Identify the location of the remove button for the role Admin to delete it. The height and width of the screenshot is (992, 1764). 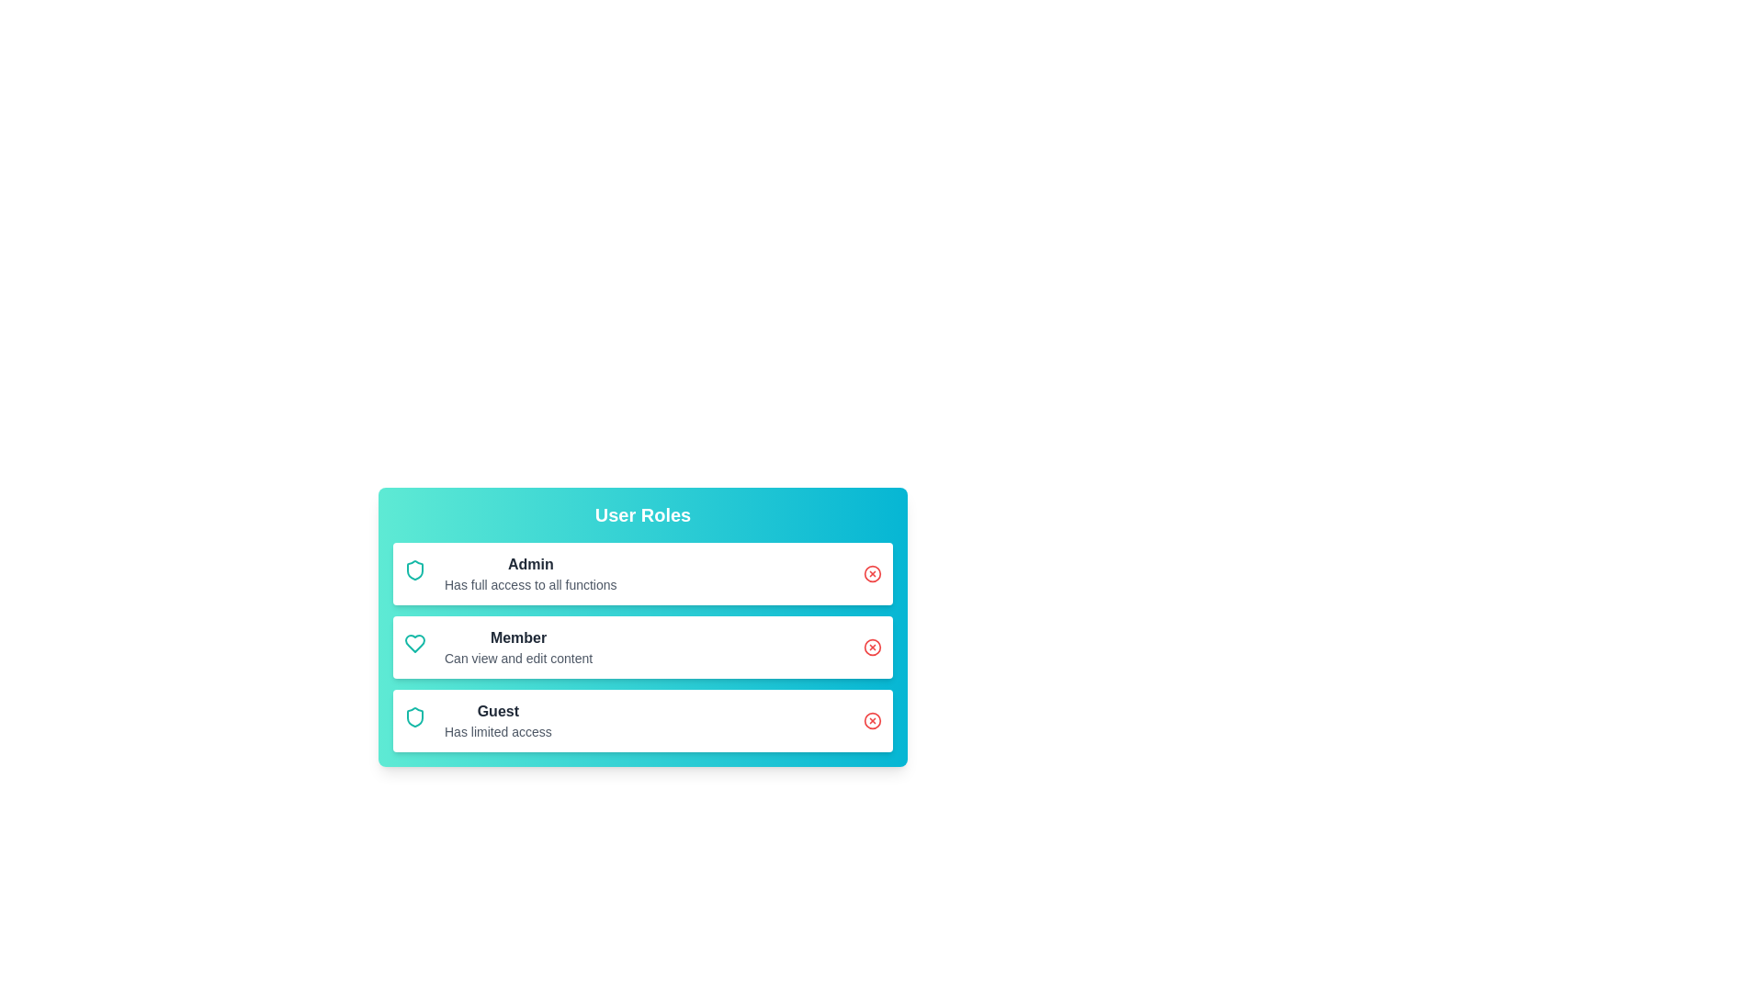
(872, 572).